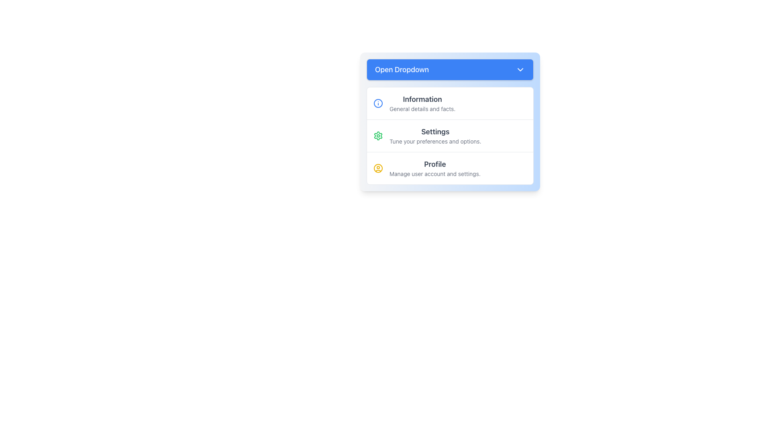  I want to click on the compact downwards-pointing chevron icon embedded in the right side of the blue 'Open Dropdown' button, so click(520, 69).